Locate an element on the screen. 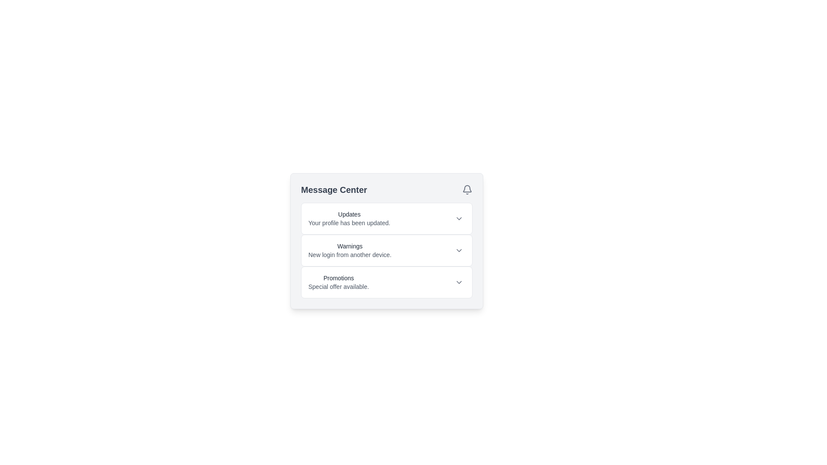 The width and height of the screenshot is (827, 465). the 'Warnings' notification item in the Message Center, which contains the message 'New login from another device.' is located at coordinates (386, 251).